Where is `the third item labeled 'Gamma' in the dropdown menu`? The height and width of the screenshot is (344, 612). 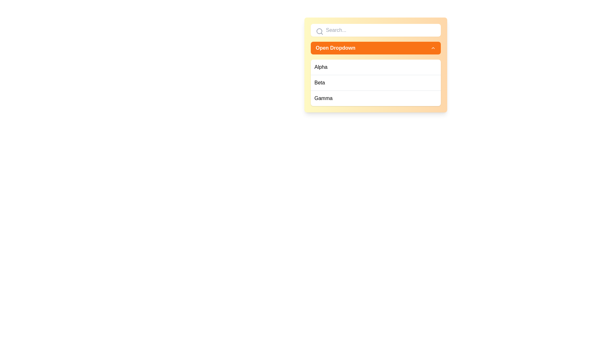
the third item labeled 'Gamma' in the dropdown menu is located at coordinates (375, 98).